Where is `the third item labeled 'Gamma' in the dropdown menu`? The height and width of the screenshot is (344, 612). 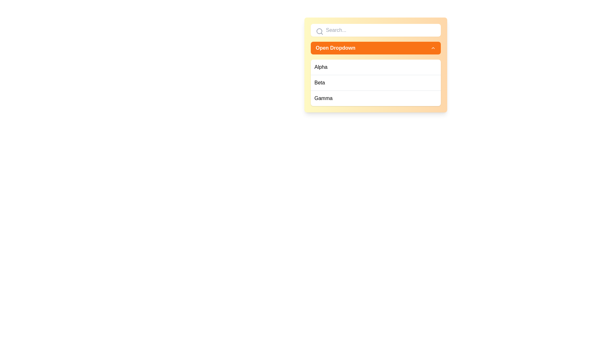
the third item labeled 'Gamma' in the dropdown menu is located at coordinates (375, 98).